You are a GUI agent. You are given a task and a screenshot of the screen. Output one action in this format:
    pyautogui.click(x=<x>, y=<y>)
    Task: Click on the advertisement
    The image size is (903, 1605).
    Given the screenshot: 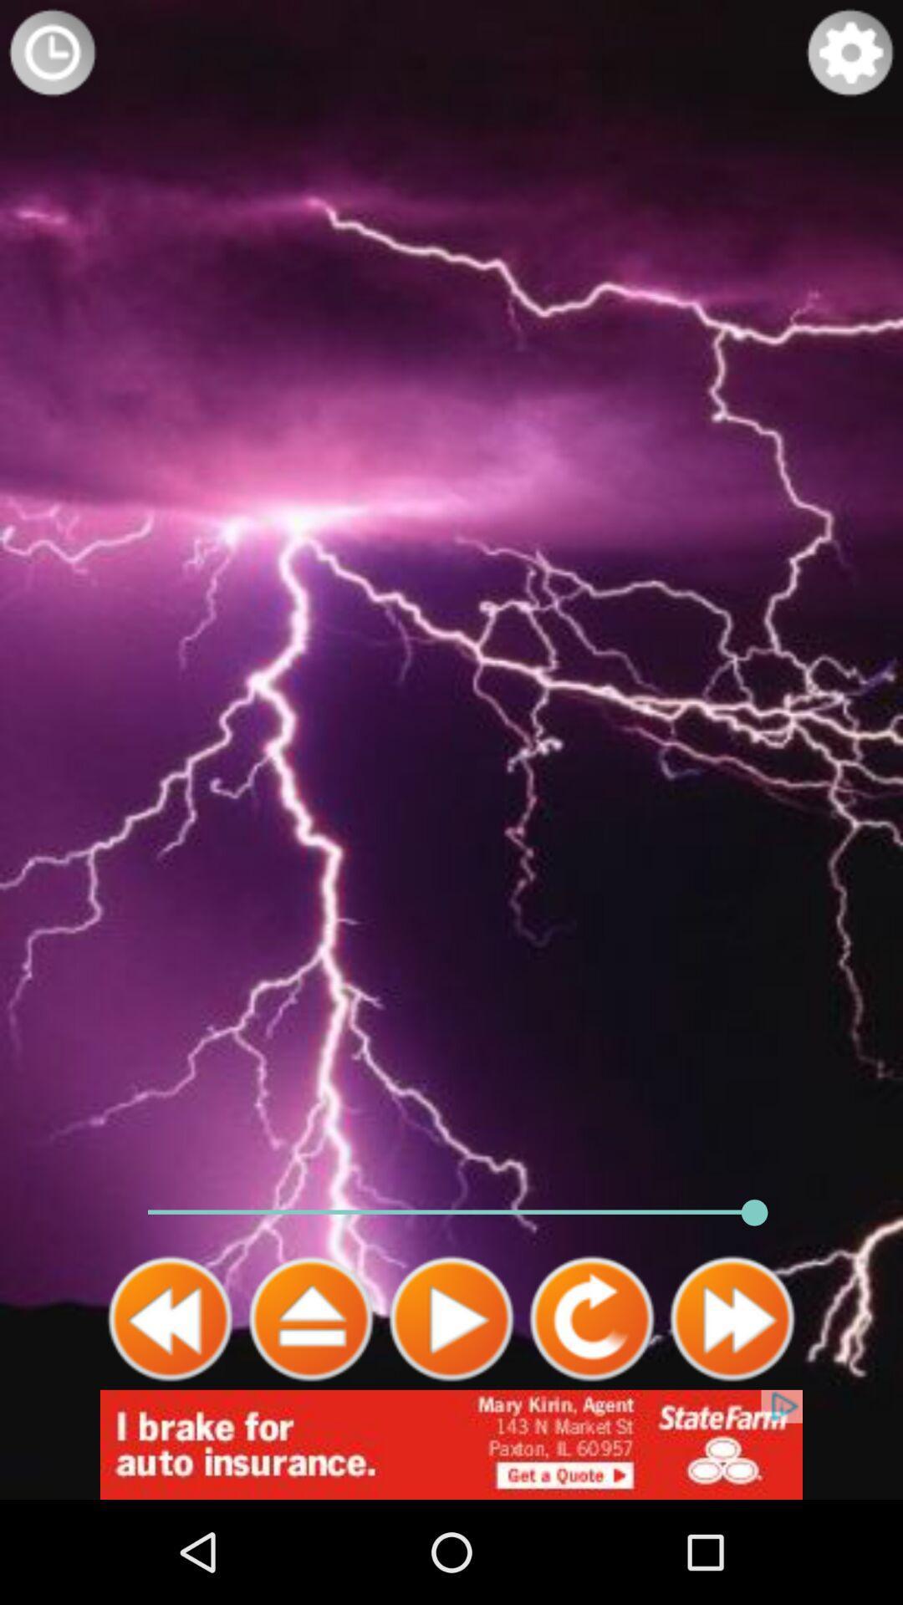 What is the action you would take?
    pyautogui.click(x=451, y=1444)
    